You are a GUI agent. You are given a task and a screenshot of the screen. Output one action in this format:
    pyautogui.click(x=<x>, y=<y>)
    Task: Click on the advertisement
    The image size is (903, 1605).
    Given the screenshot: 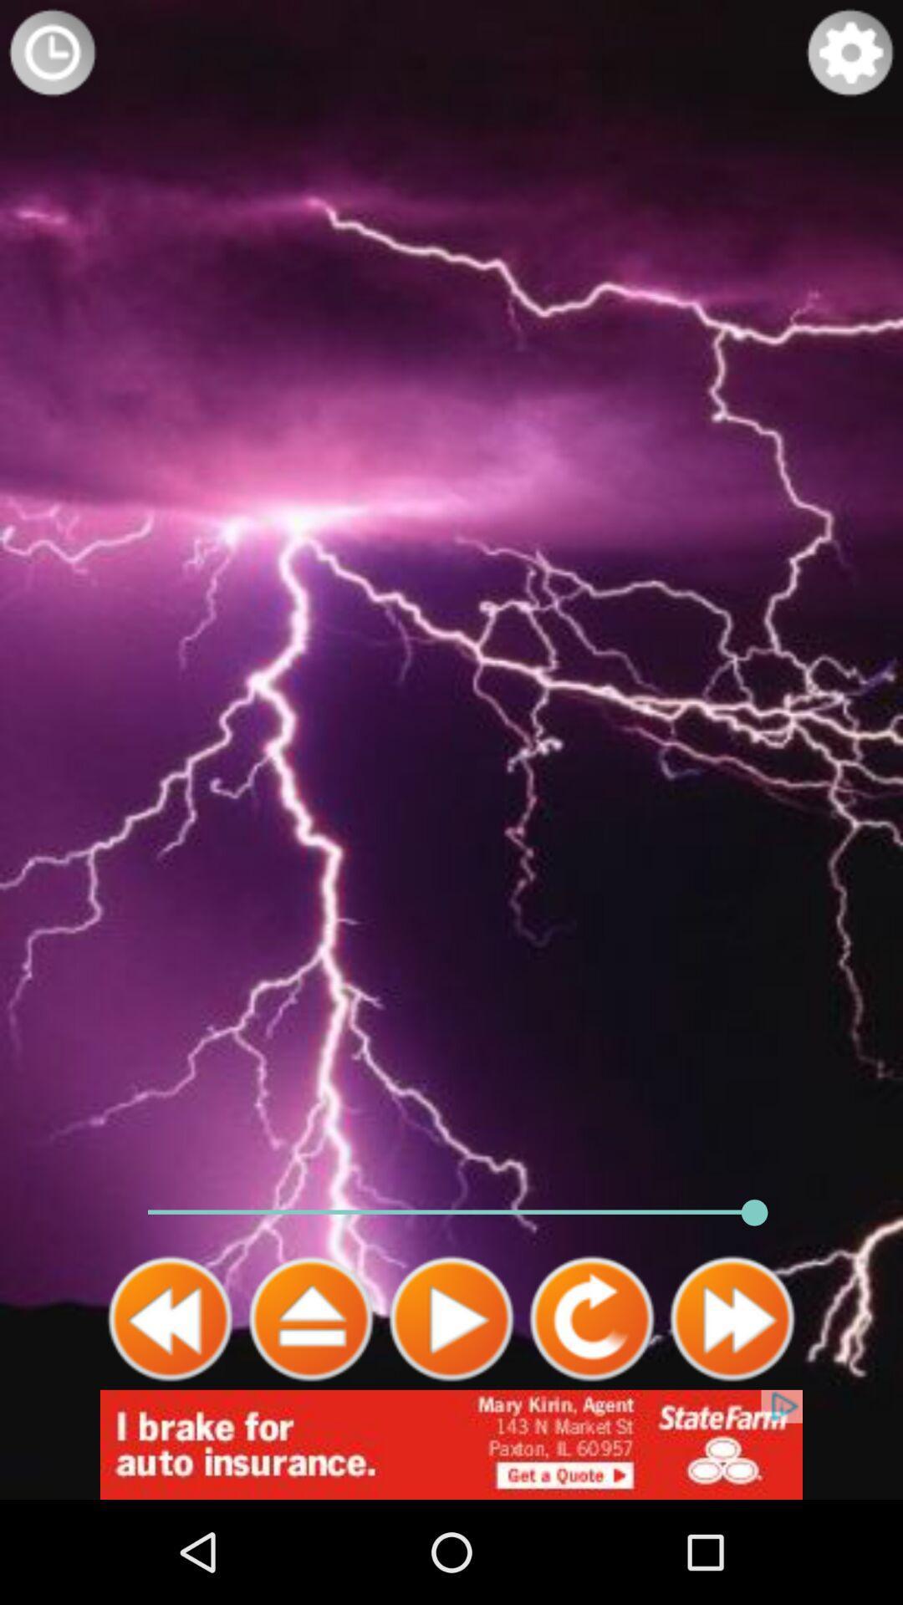 What is the action you would take?
    pyautogui.click(x=451, y=1444)
    